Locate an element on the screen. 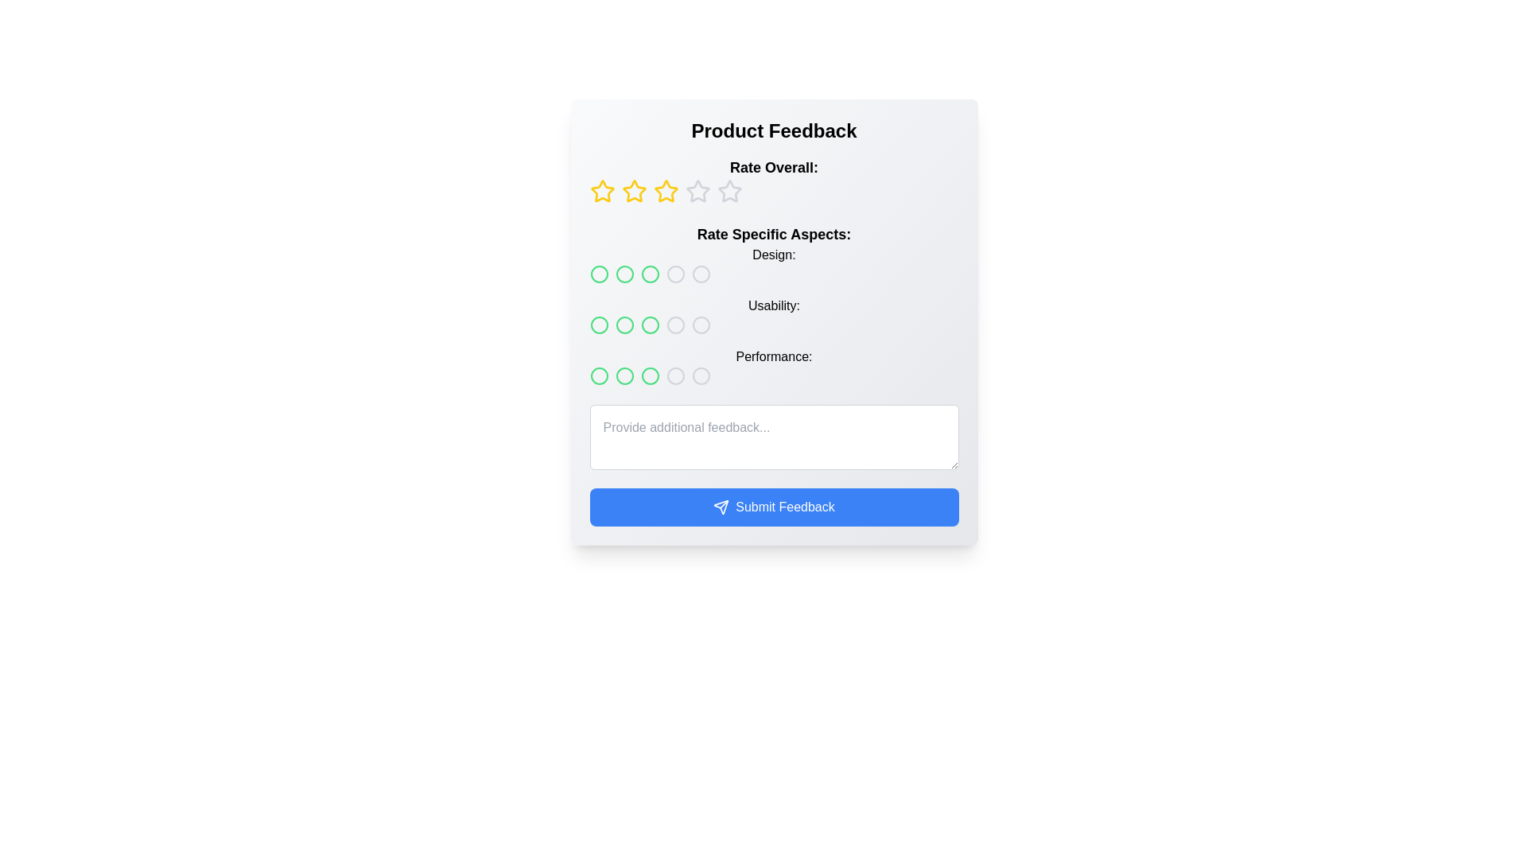 The width and height of the screenshot is (1527, 859). the third circular icon representing the 'Design' rating in the 'Rate Specific Aspects' section of the interface is located at coordinates (650, 273).